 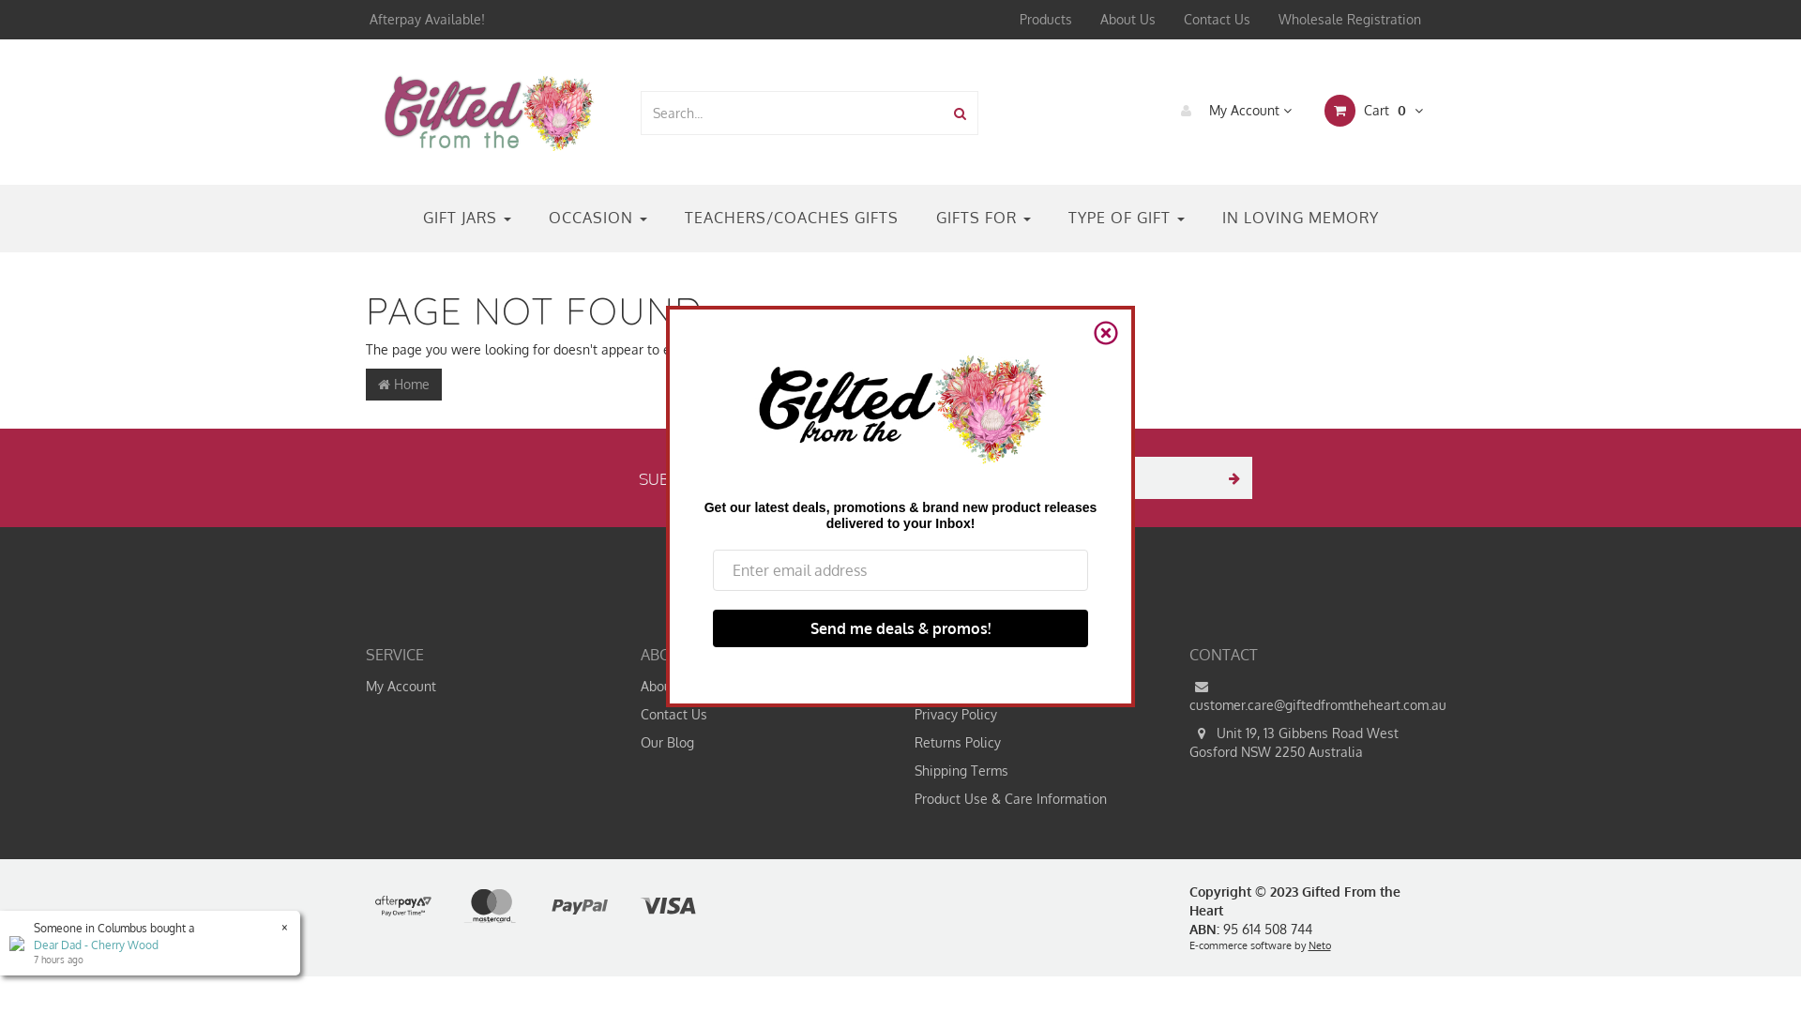 What do you see at coordinates (1298, 217) in the screenshot?
I see `'IN LOVING MEMORY'` at bounding box center [1298, 217].